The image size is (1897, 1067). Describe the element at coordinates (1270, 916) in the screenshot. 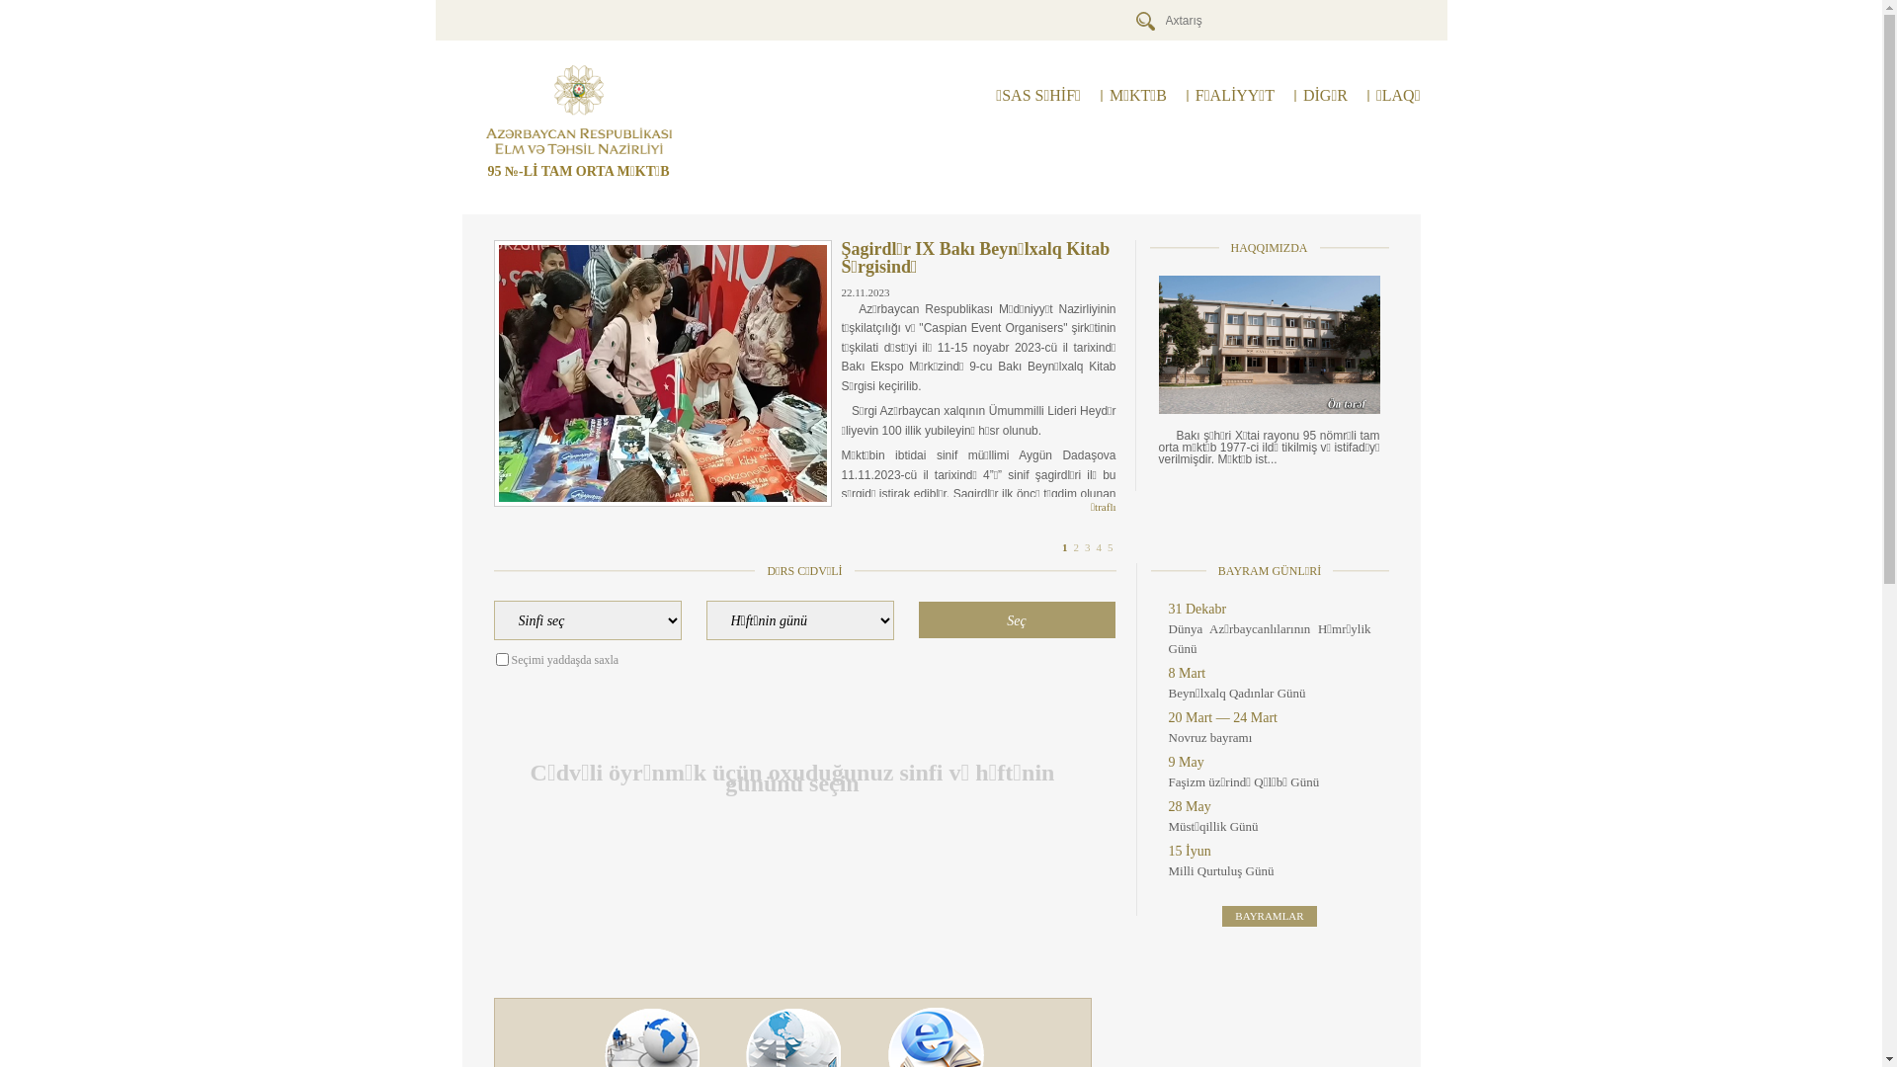

I see `'BAYRAMLAR'` at that location.